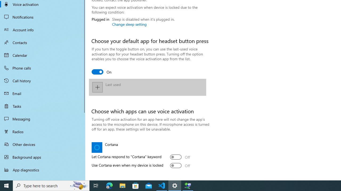 The width and height of the screenshot is (341, 191). I want to click on 'Contacts', so click(43, 42).